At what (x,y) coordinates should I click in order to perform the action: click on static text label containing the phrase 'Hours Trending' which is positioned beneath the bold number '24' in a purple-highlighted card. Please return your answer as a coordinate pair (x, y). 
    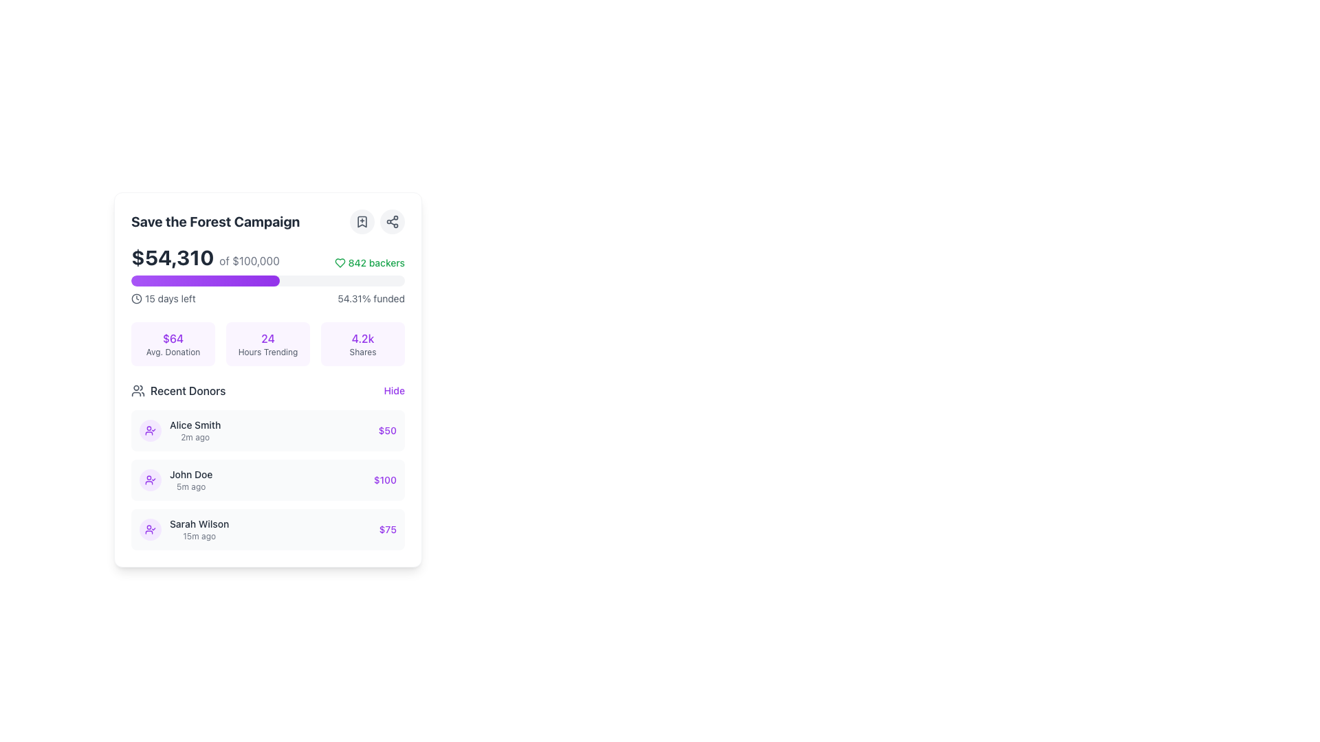
    Looking at the image, I should click on (267, 352).